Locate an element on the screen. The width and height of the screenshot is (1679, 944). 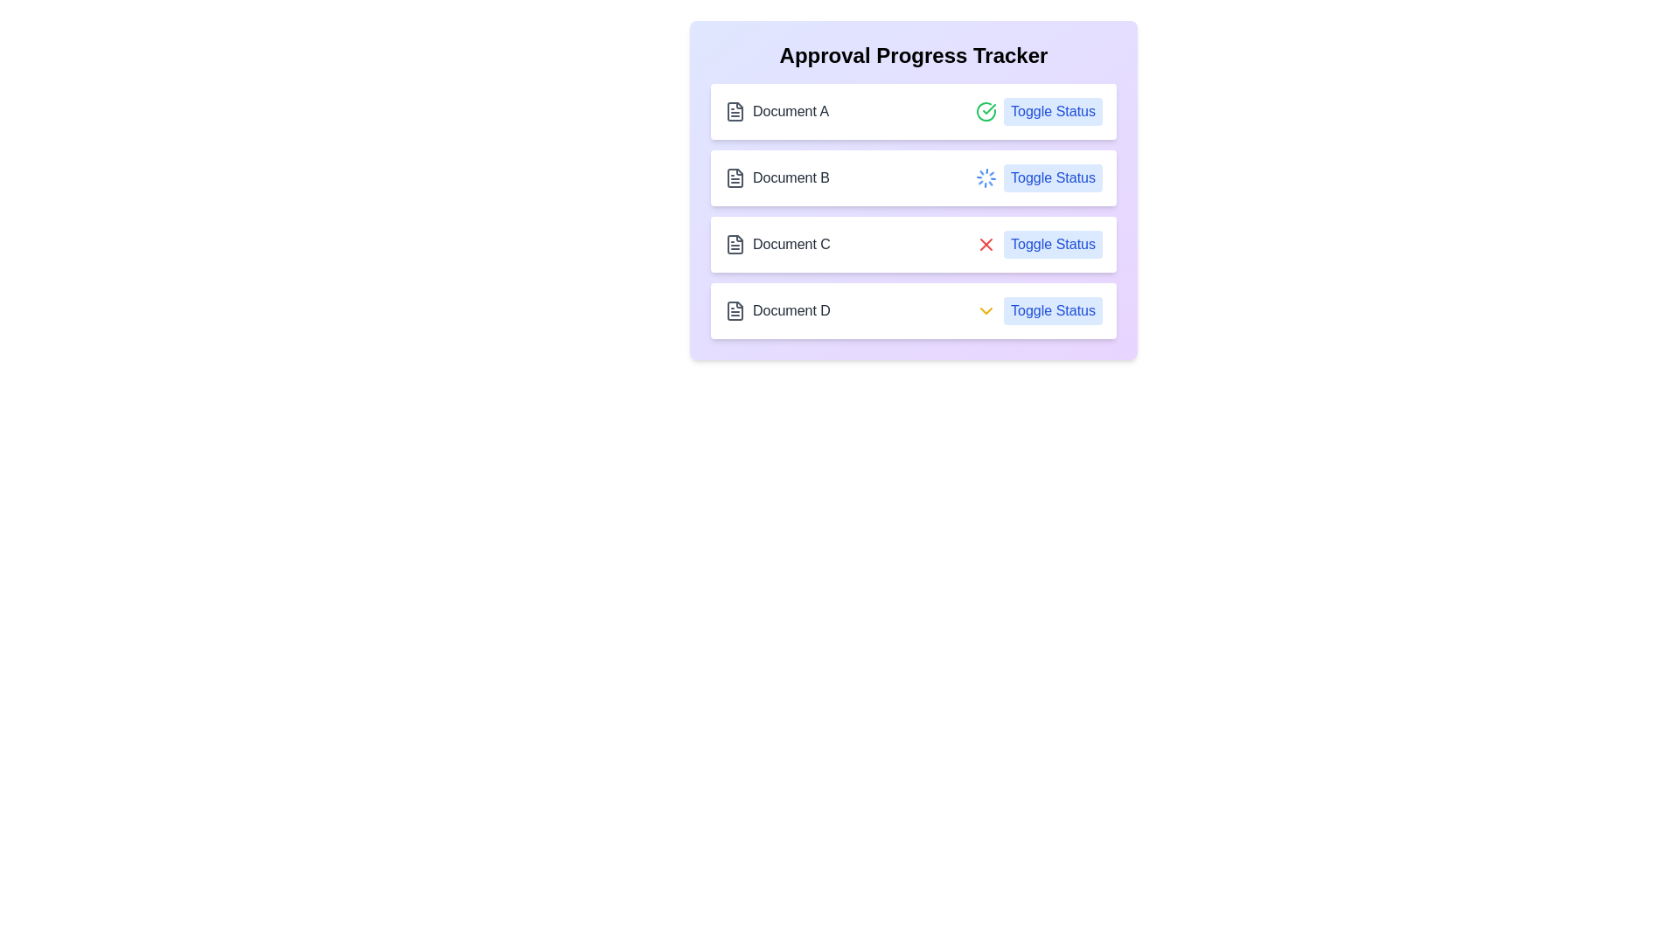
the text label indicating 'Document C', which is the third item in a vertical list of document entries is located at coordinates (791, 245).